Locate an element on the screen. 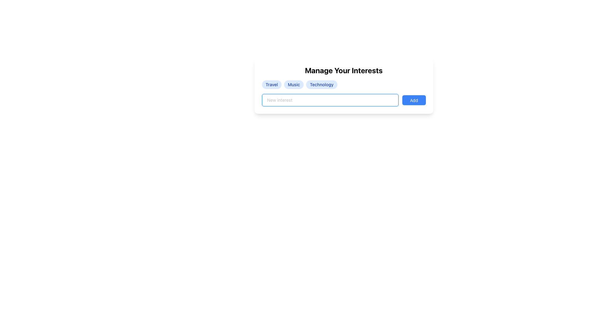 Image resolution: width=596 pixels, height=335 pixels. the 'Technology' tag/label component in the row of badge-like elements is located at coordinates (322, 85).